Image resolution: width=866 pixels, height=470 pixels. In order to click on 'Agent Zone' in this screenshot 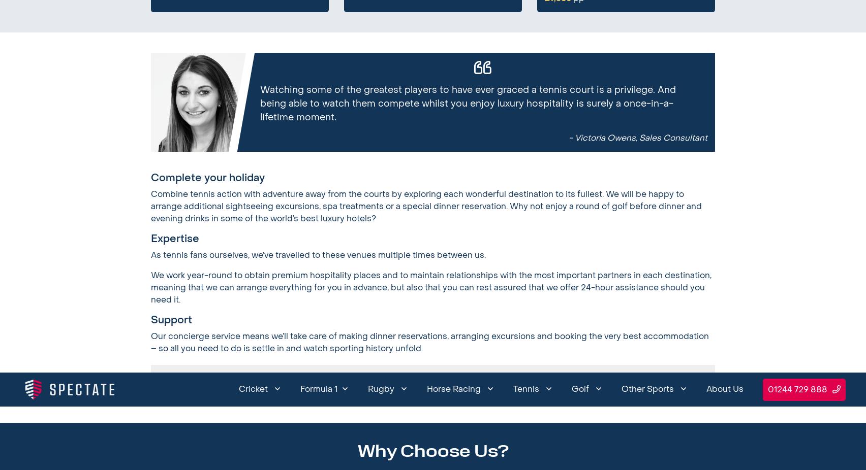, I will do `click(612, 36)`.